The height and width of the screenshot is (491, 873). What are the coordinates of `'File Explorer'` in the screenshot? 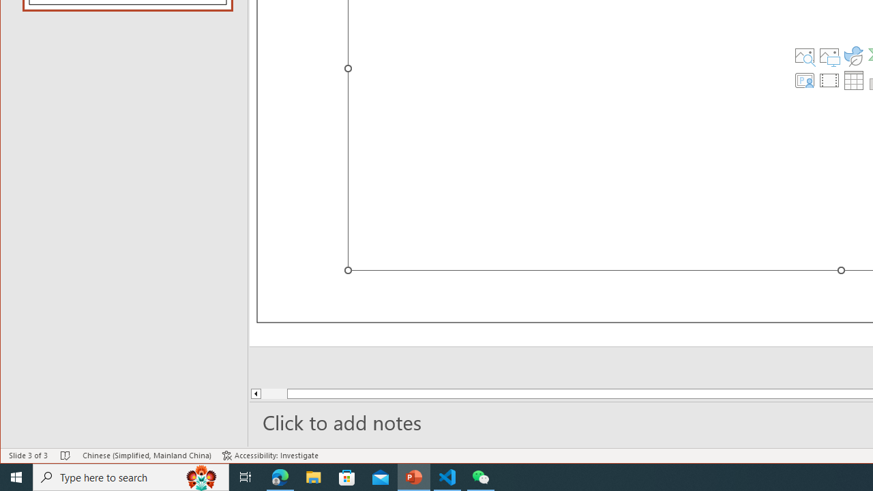 It's located at (313, 476).